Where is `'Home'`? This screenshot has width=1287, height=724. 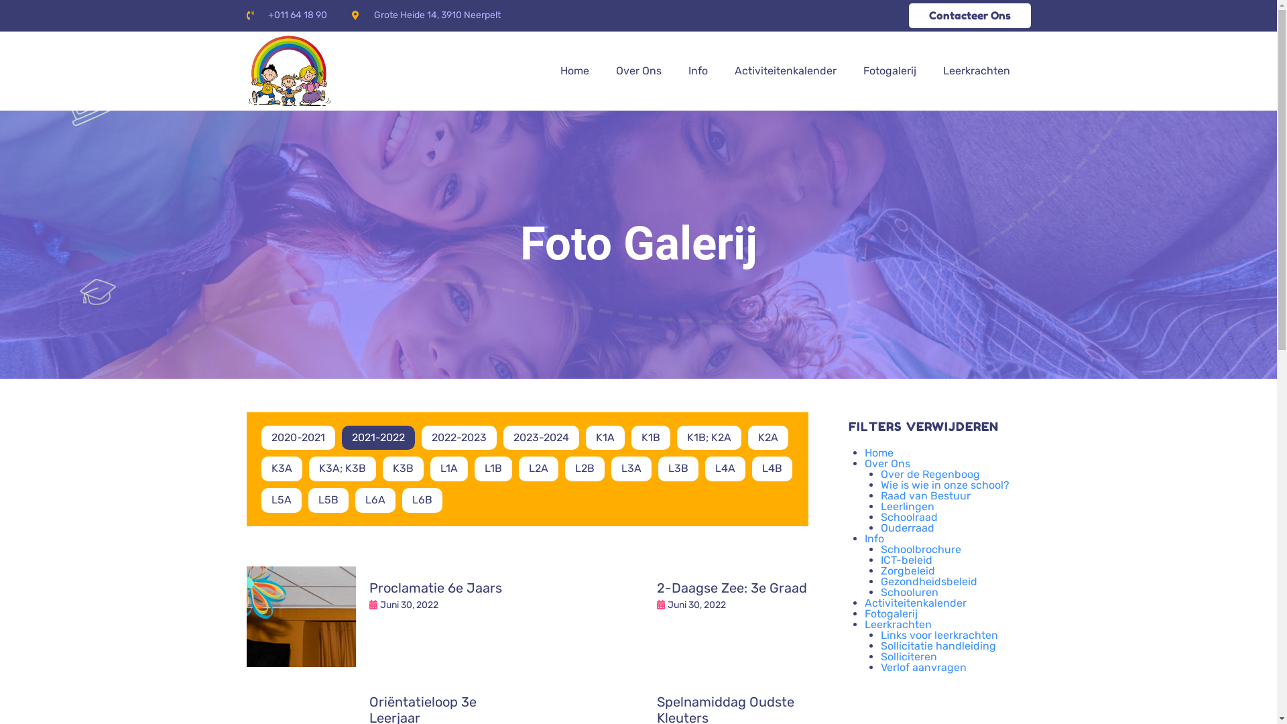 'Home' is located at coordinates (879, 452).